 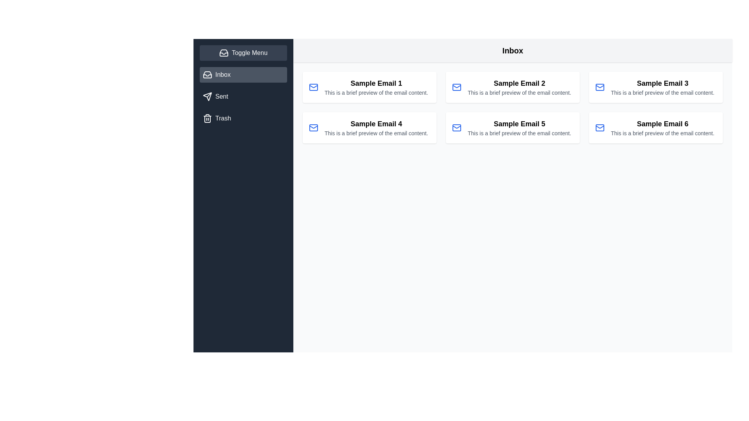 What do you see at coordinates (376, 127) in the screenshot?
I see `the text block containing the bold heading 'Sample Email 4' and the lighter preview text 'This is a brief preview of the email content.' located in the top-left quadrant of the inbox grid, specifically in the second row, first column` at bounding box center [376, 127].